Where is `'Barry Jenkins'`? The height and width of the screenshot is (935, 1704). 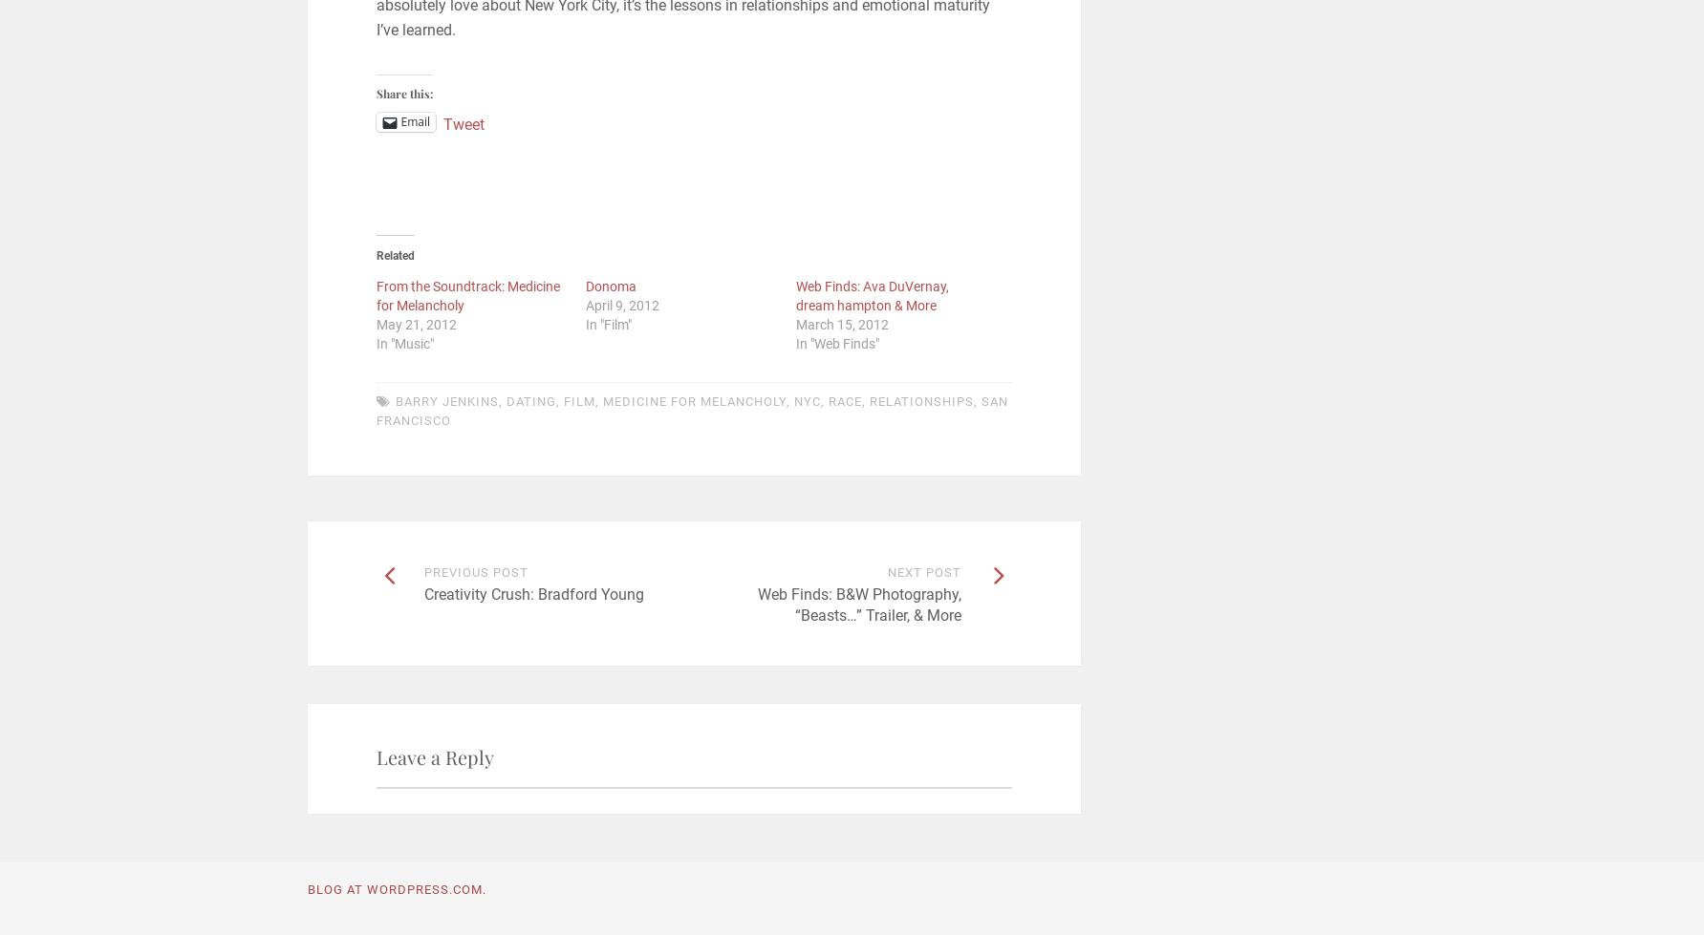
'Barry Jenkins' is located at coordinates (394, 401).